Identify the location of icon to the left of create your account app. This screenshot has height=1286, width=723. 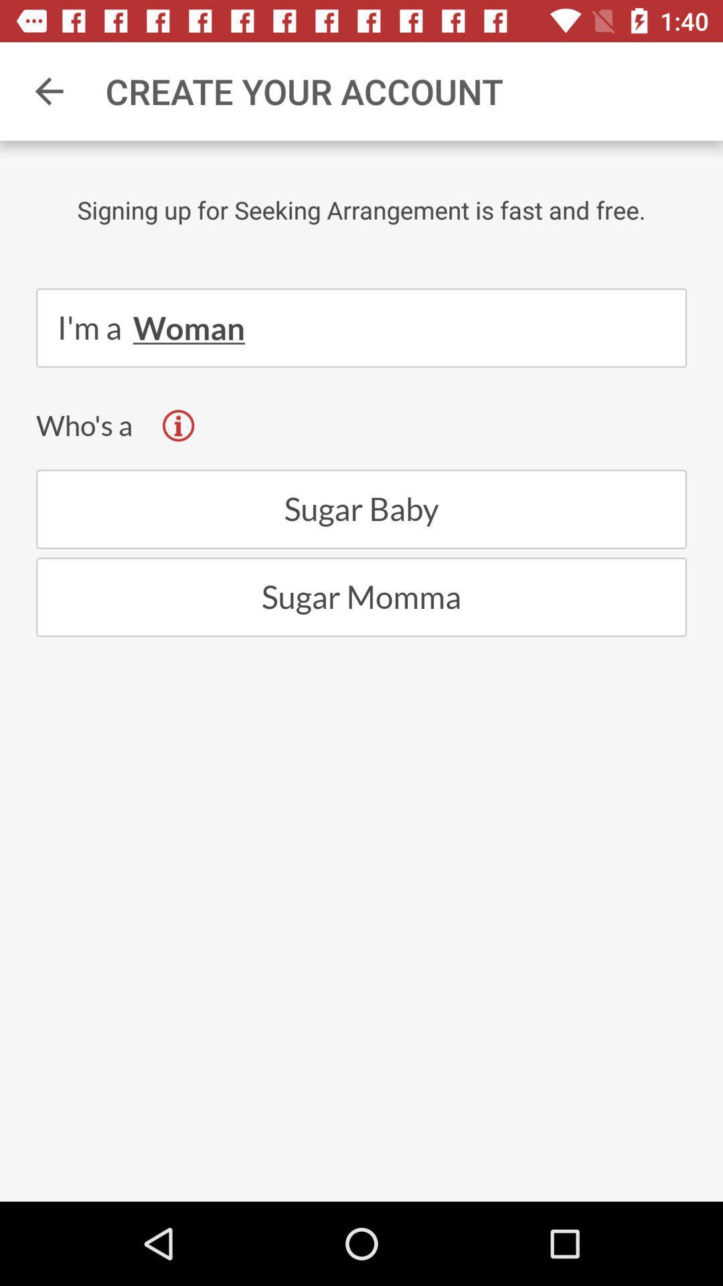
(48, 90).